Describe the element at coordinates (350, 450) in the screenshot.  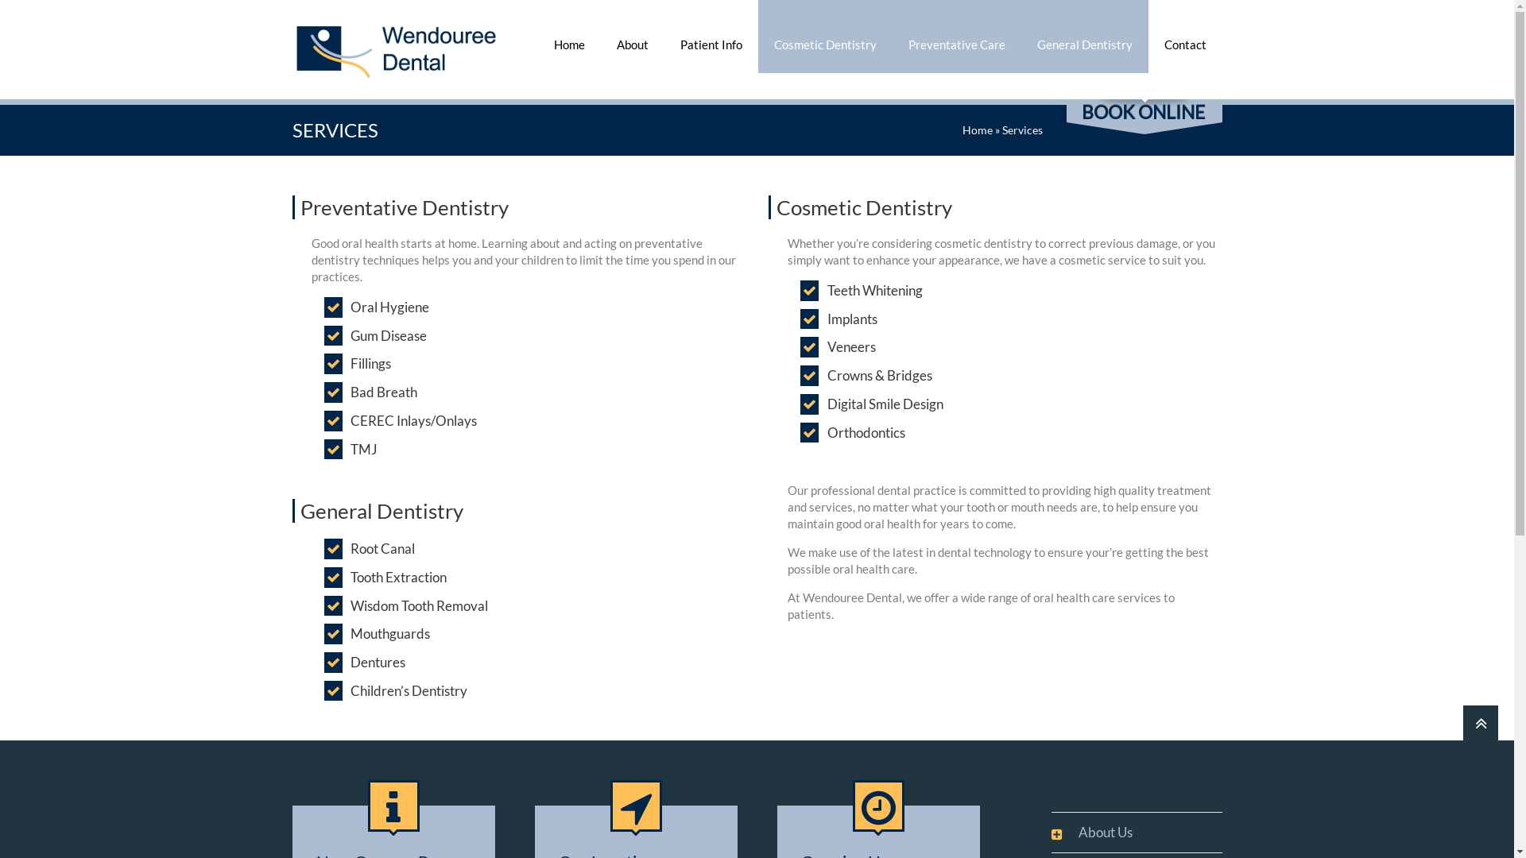
I see `'TMJ'` at that location.